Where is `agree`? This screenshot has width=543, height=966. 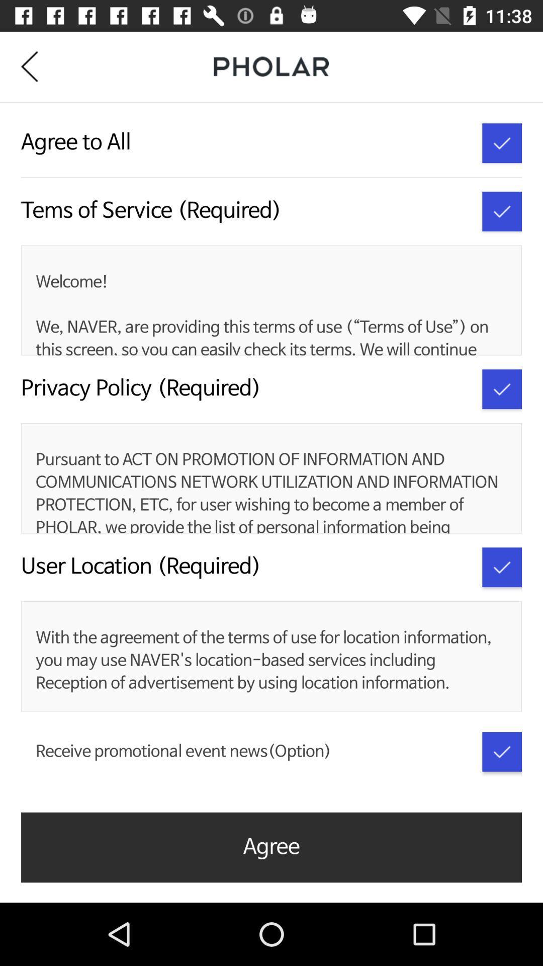 agree is located at coordinates (502, 388).